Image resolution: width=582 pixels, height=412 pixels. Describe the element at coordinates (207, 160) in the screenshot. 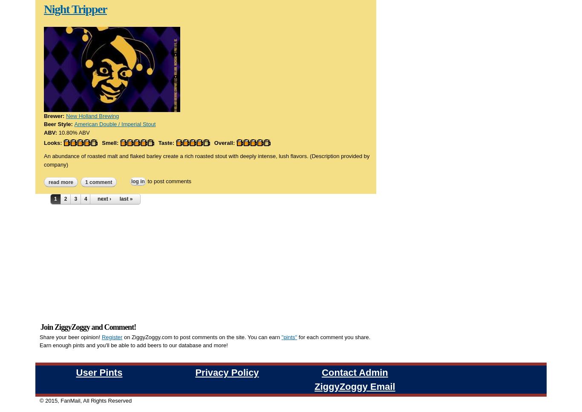

I see `'An abundance of roasted malt and flaked barley create a rich roasted stout with deeply intense, lush flavors.  (Description provided by company)'` at that location.